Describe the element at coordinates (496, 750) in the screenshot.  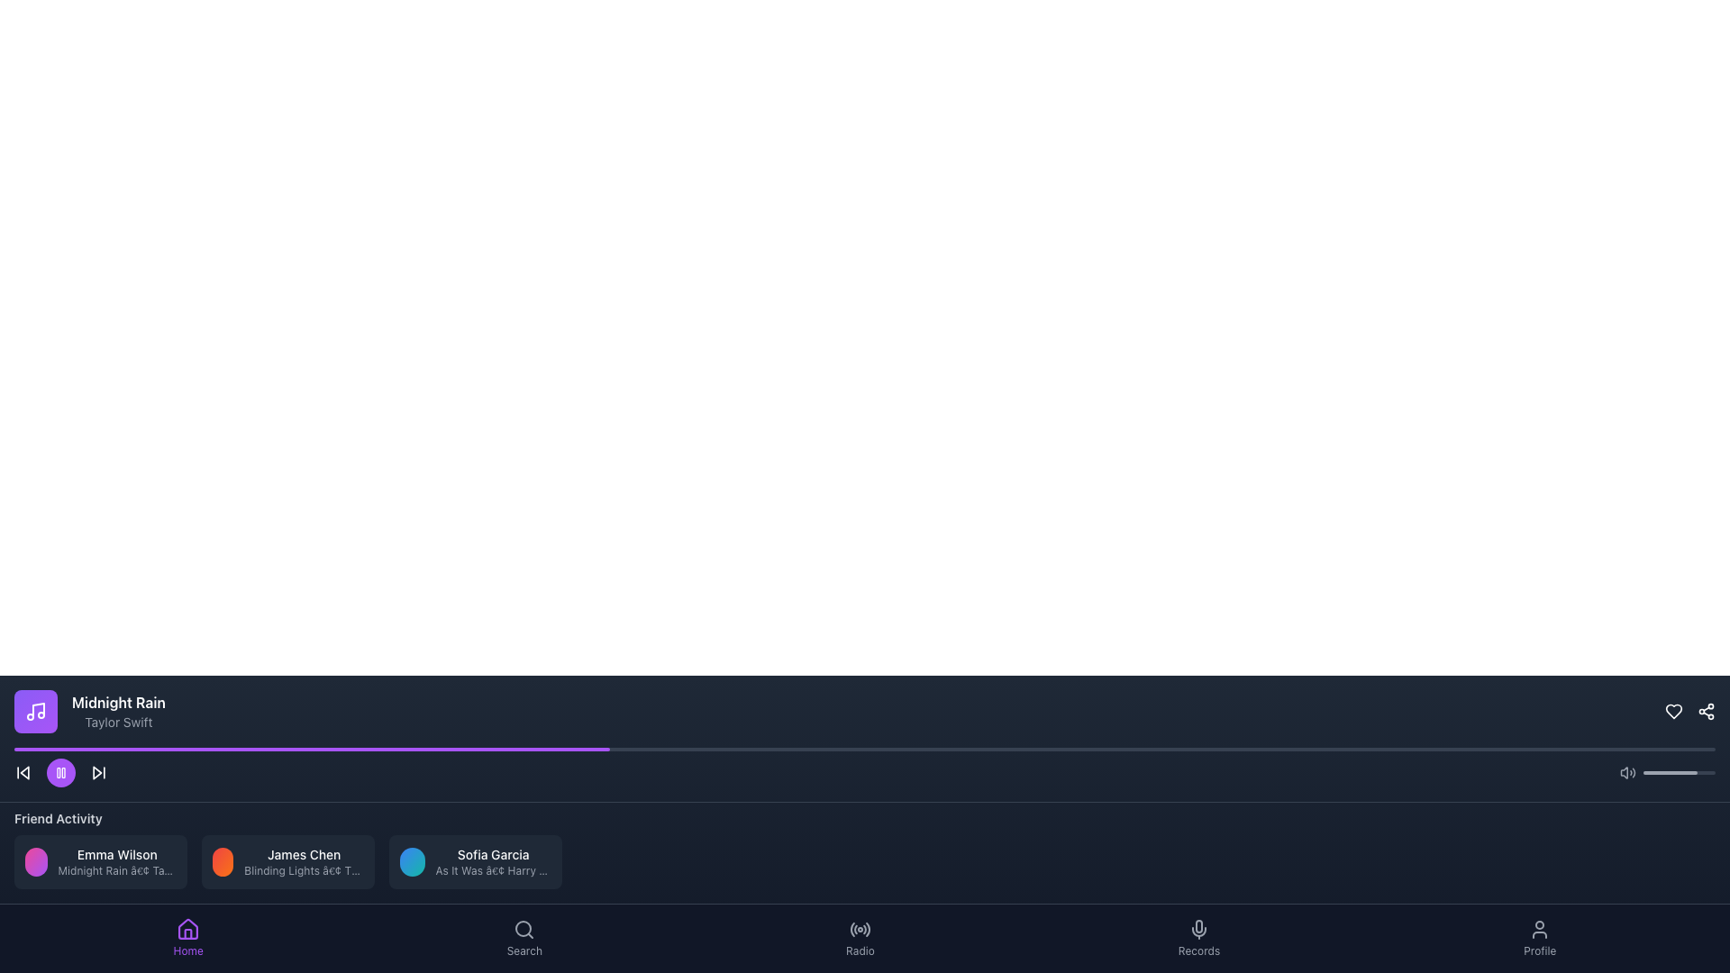
I see `the progress bar` at that location.